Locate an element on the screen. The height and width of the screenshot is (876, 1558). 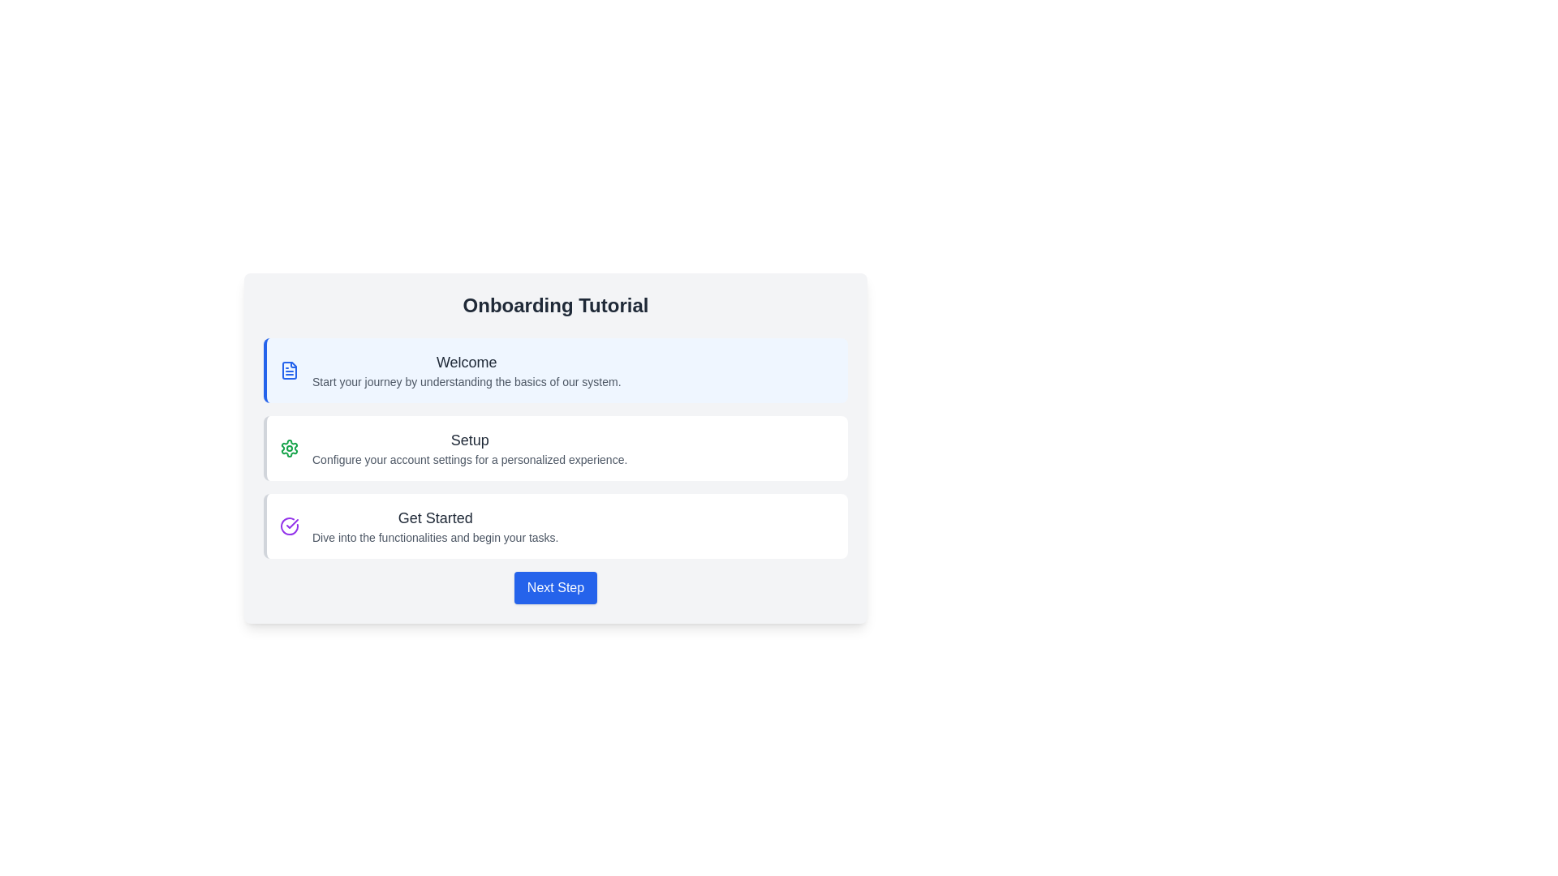
the 'Get Started' text, which is styled with a medium-sized gray font and located in the lower right area of the onboarding tutorial's 'Get Started' section, to highlight it is located at coordinates (435, 518).